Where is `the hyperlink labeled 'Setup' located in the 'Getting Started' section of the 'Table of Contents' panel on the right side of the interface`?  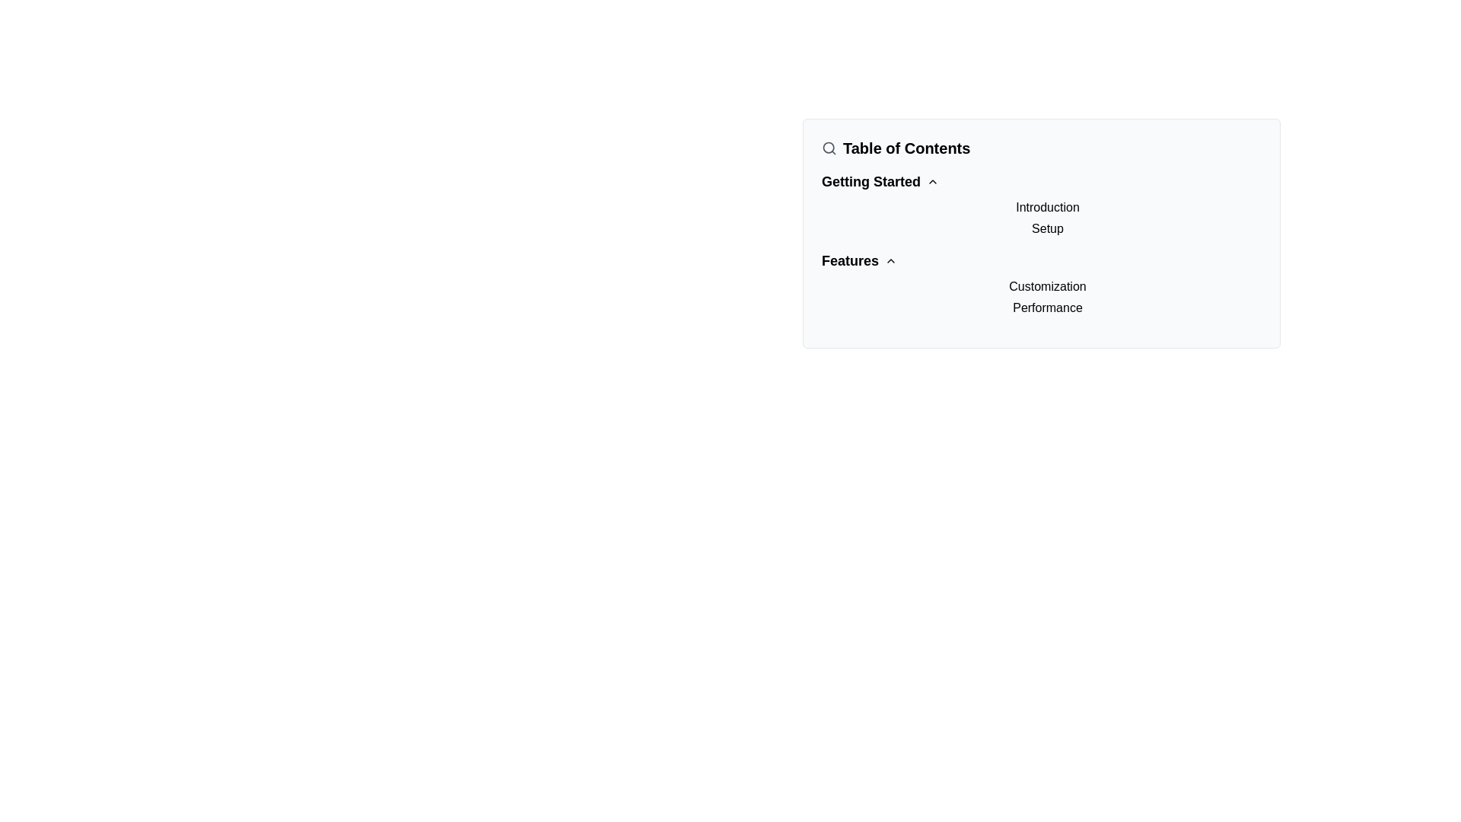 the hyperlink labeled 'Setup' located in the 'Getting Started' section of the 'Table of Contents' panel on the right side of the interface is located at coordinates (1047, 228).